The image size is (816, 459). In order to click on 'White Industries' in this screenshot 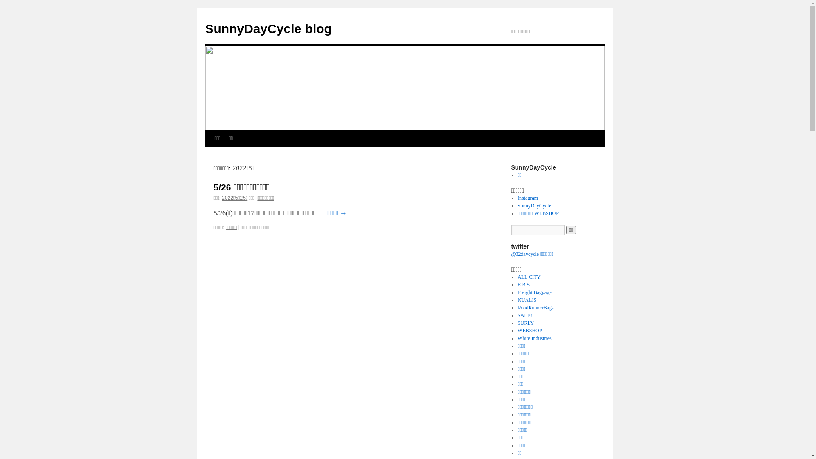, I will do `click(534, 337)`.